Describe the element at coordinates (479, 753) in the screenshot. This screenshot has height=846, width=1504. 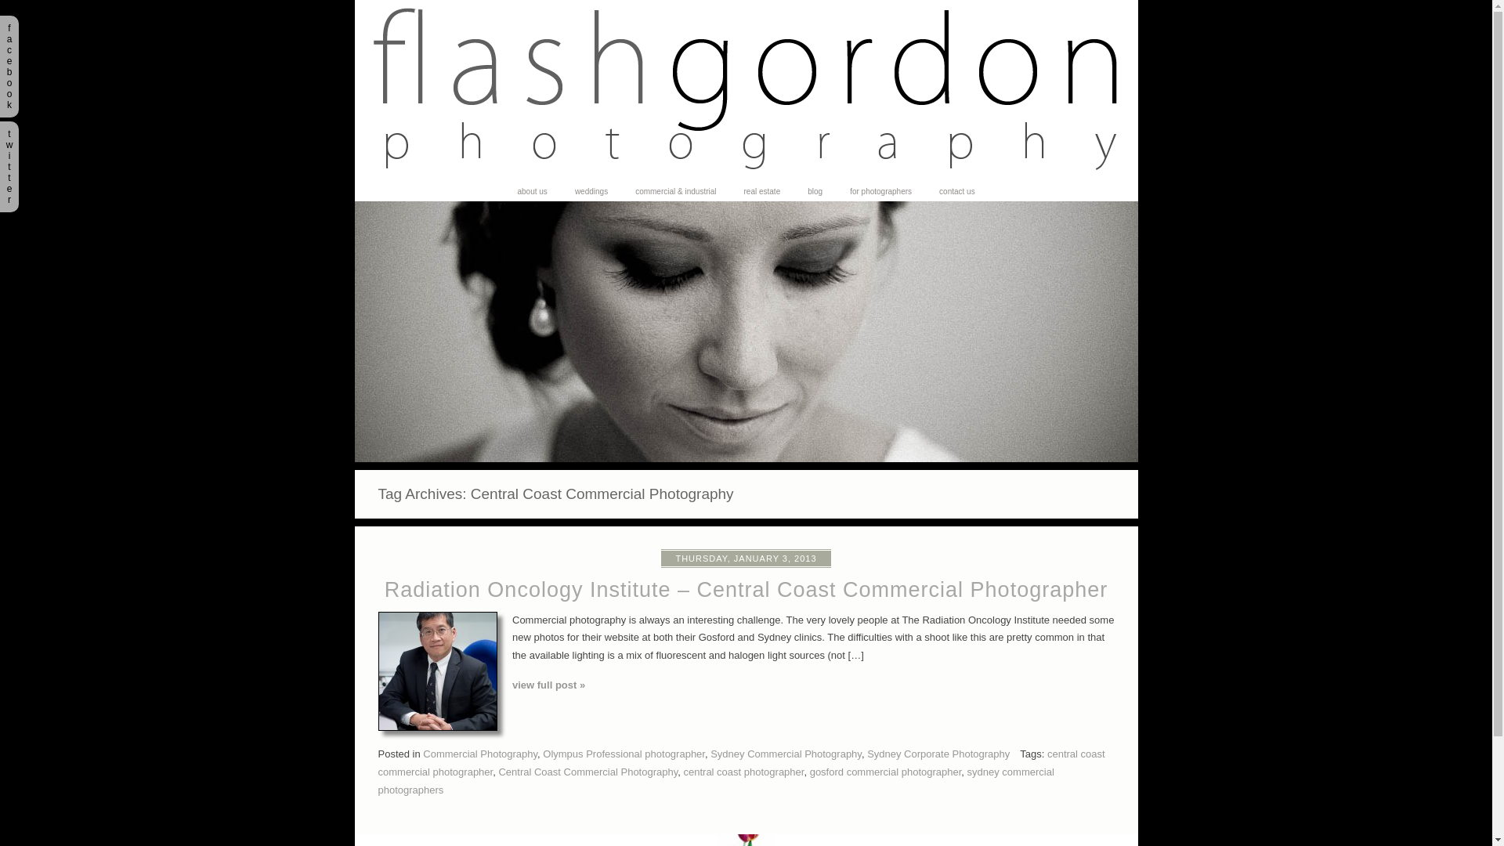
I see `'Commercial Photography'` at that location.